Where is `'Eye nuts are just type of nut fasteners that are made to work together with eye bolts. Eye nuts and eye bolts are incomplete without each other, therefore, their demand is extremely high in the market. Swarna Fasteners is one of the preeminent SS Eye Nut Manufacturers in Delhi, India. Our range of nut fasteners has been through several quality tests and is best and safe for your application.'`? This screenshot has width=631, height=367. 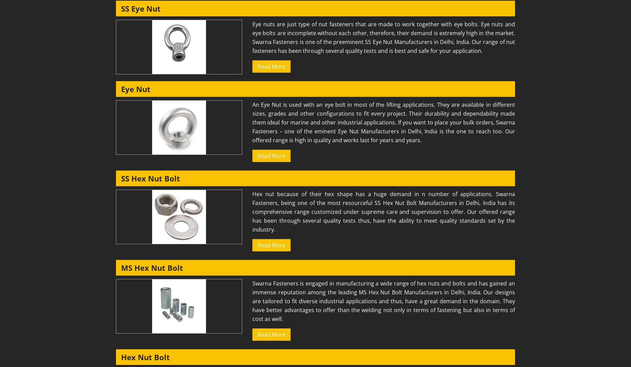
'Eye nuts are just type of nut fasteners that are made to work together with eye bolts. Eye nuts and eye bolts are incomplete without each other, therefore, their demand is extremely high in the market. Swarna Fasteners is one of the preeminent SS Eye Nut Manufacturers in Delhi, India. Our range of nut fasteners has been through several quality tests and is best and safe for your application.' is located at coordinates (383, 37).